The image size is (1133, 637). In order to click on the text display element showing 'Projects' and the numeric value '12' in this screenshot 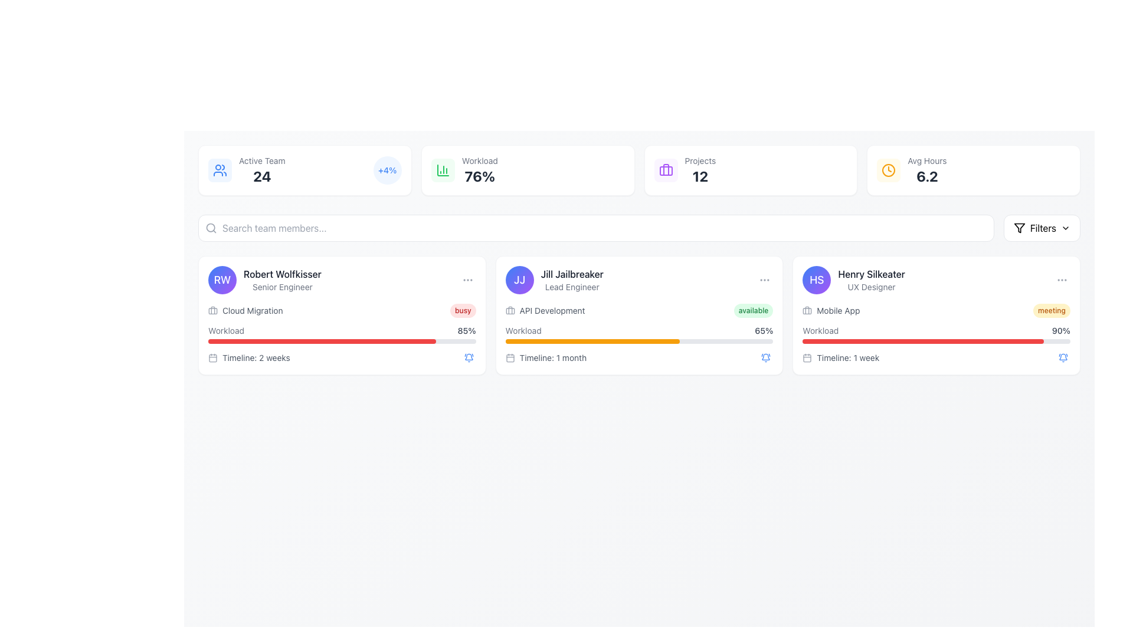, I will do `click(700, 170)`.